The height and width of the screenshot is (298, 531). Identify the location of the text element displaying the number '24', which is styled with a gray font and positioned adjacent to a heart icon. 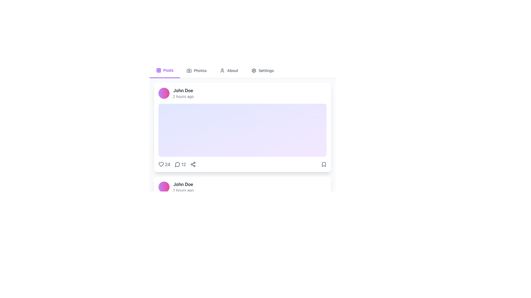
(164, 164).